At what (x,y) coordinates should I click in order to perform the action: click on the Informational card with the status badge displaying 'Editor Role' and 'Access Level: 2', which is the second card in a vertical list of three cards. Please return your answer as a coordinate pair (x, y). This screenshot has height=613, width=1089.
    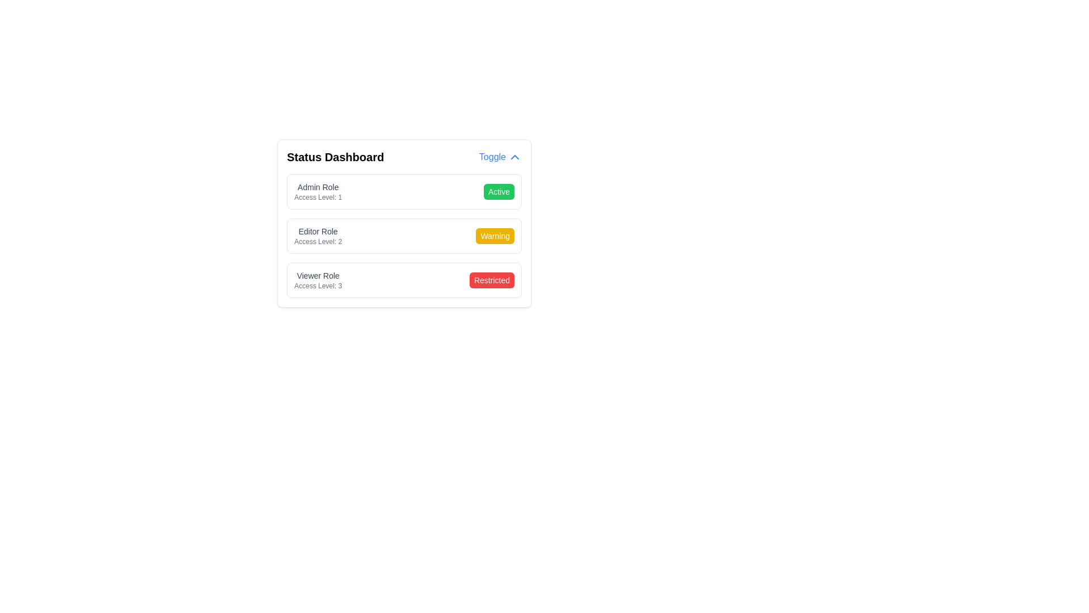
    Looking at the image, I should click on (404, 223).